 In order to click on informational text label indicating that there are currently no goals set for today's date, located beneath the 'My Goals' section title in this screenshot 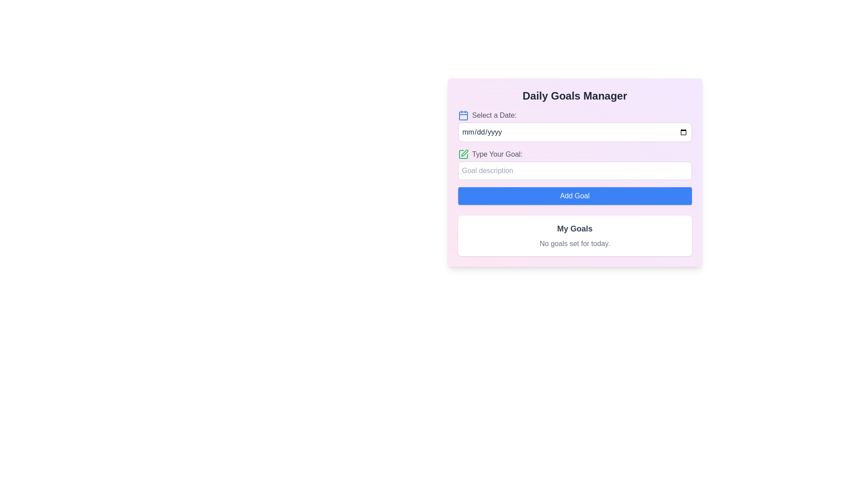, I will do `click(575, 244)`.